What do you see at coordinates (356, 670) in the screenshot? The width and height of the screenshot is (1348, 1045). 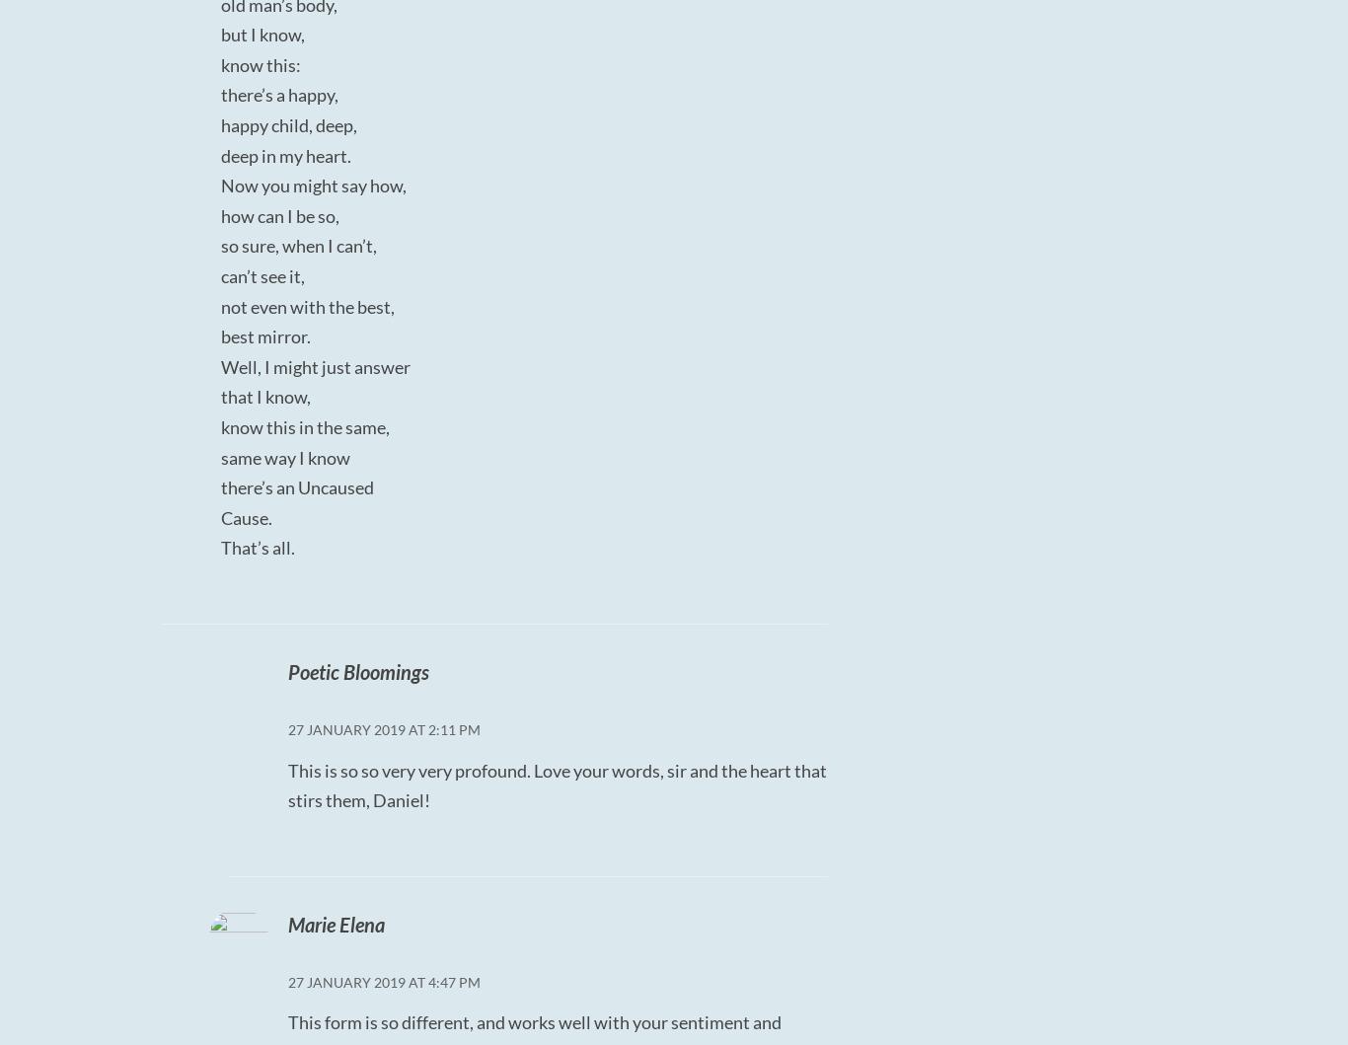 I see `'Poetic Bloomings'` at bounding box center [356, 670].